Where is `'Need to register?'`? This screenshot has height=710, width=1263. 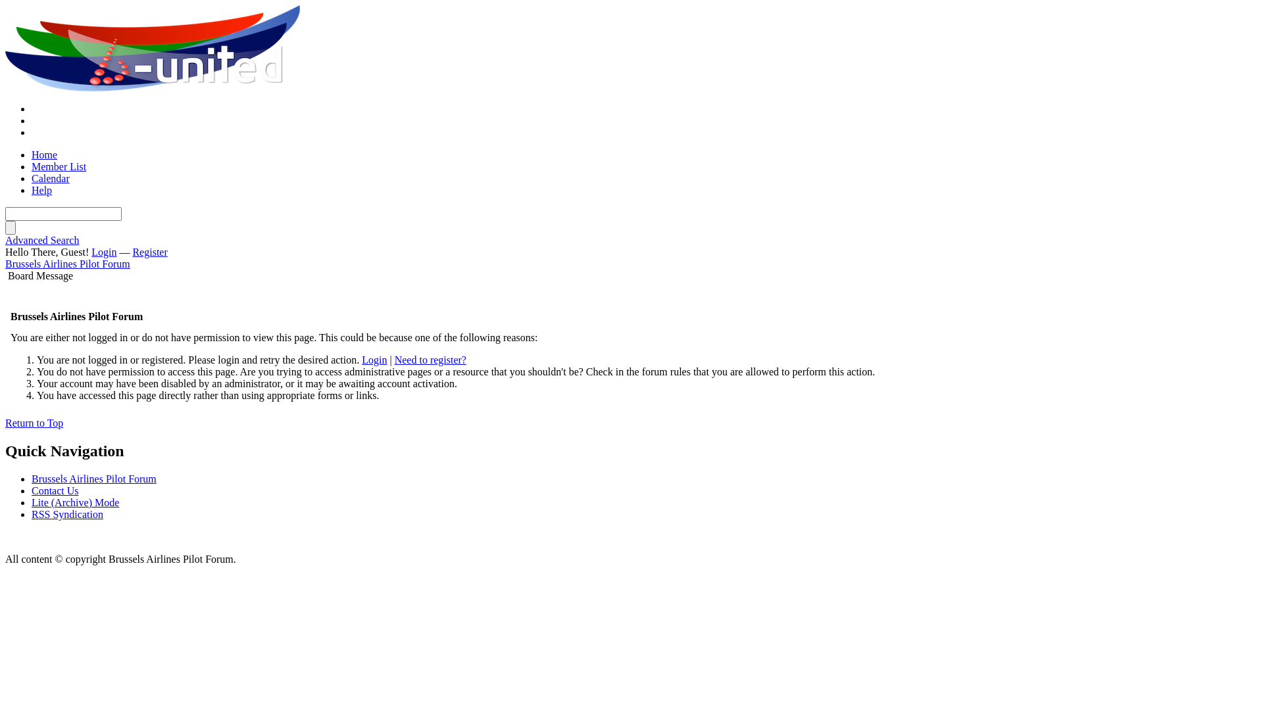
'Need to register?' is located at coordinates (430, 360).